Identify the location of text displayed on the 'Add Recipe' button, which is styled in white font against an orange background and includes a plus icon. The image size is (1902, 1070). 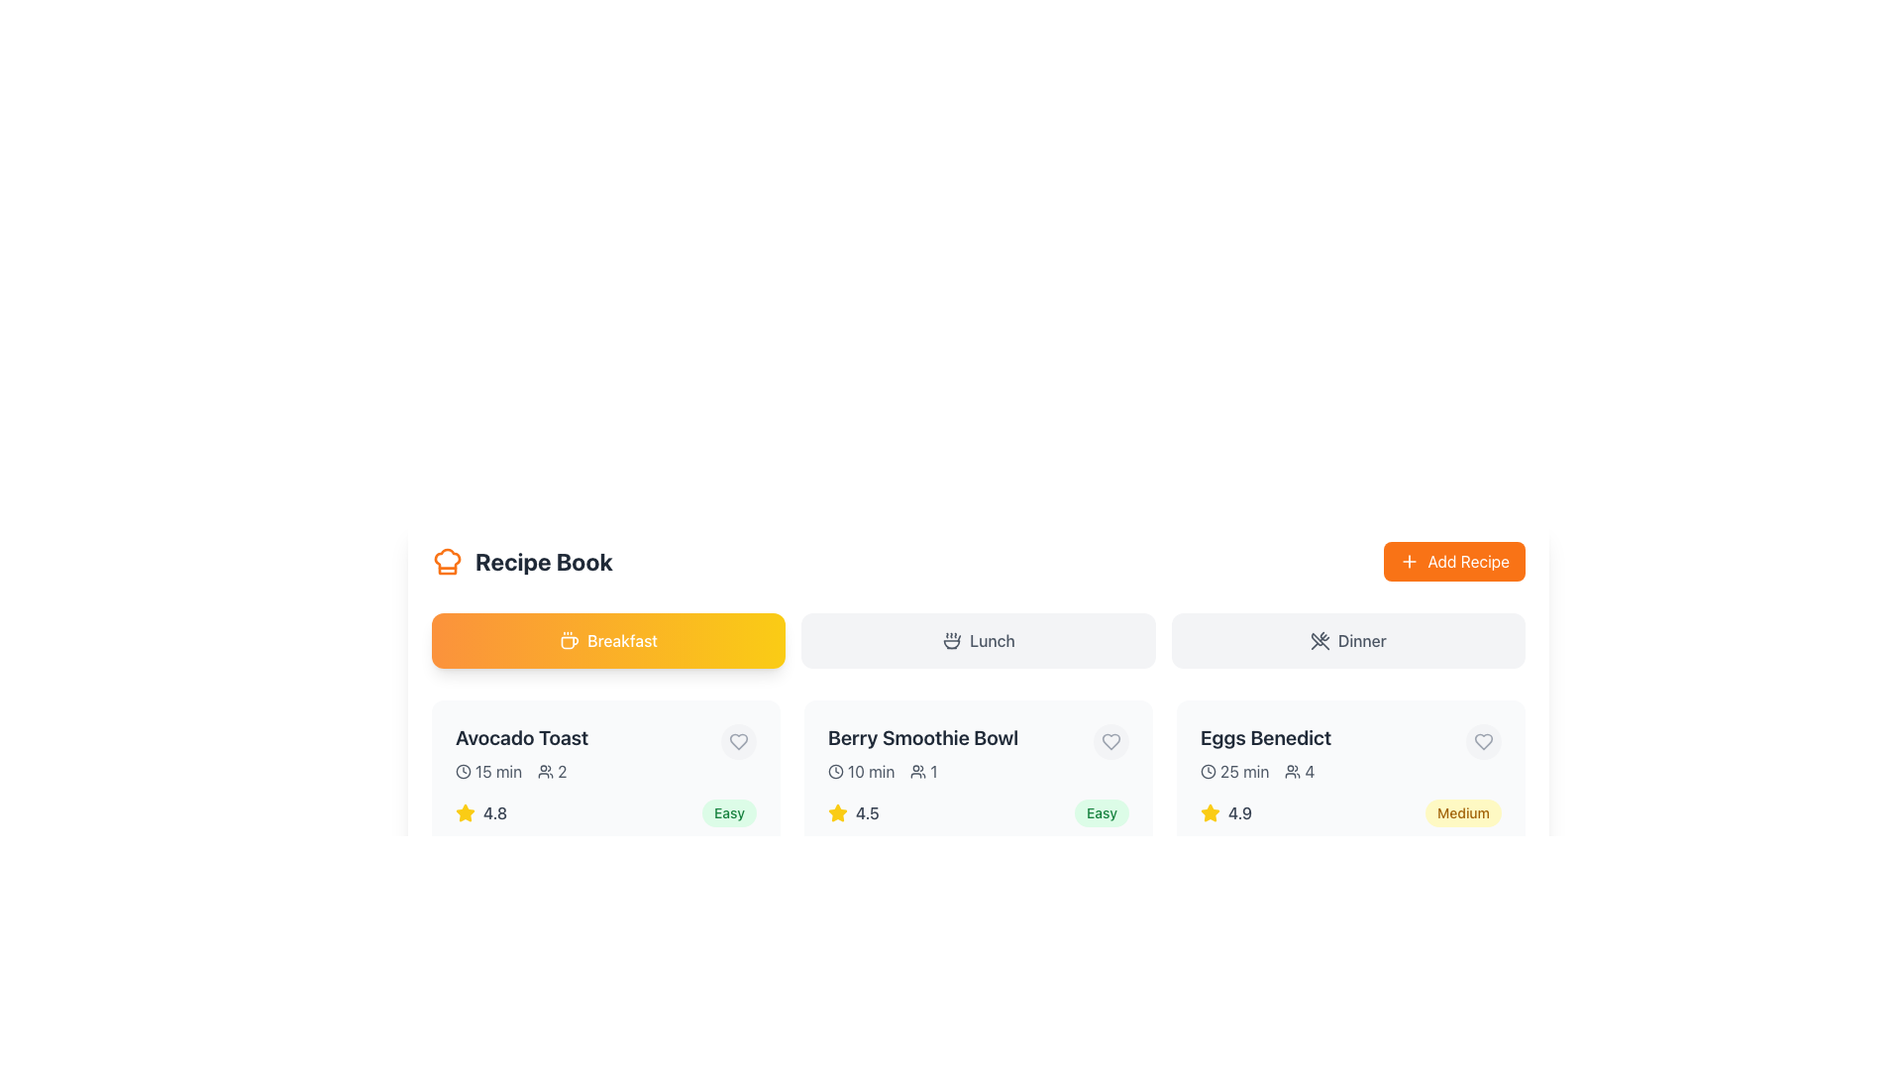
(1468, 562).